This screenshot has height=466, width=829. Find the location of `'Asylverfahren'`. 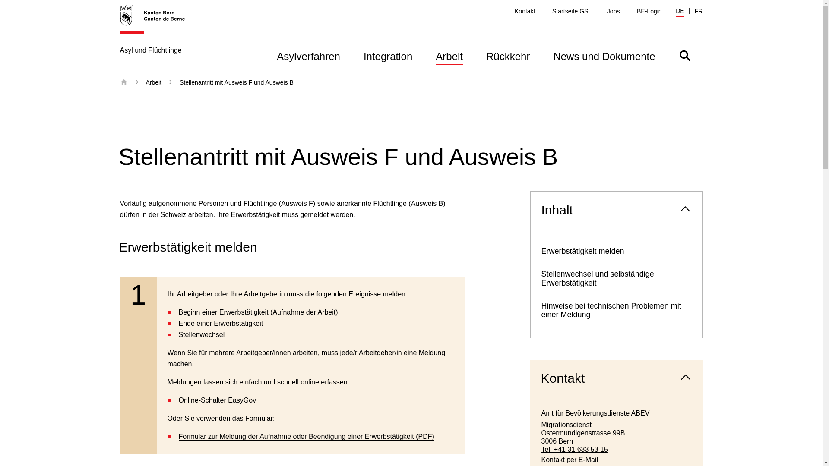

'Asylverfahren' is located at coordinates (308, 55).